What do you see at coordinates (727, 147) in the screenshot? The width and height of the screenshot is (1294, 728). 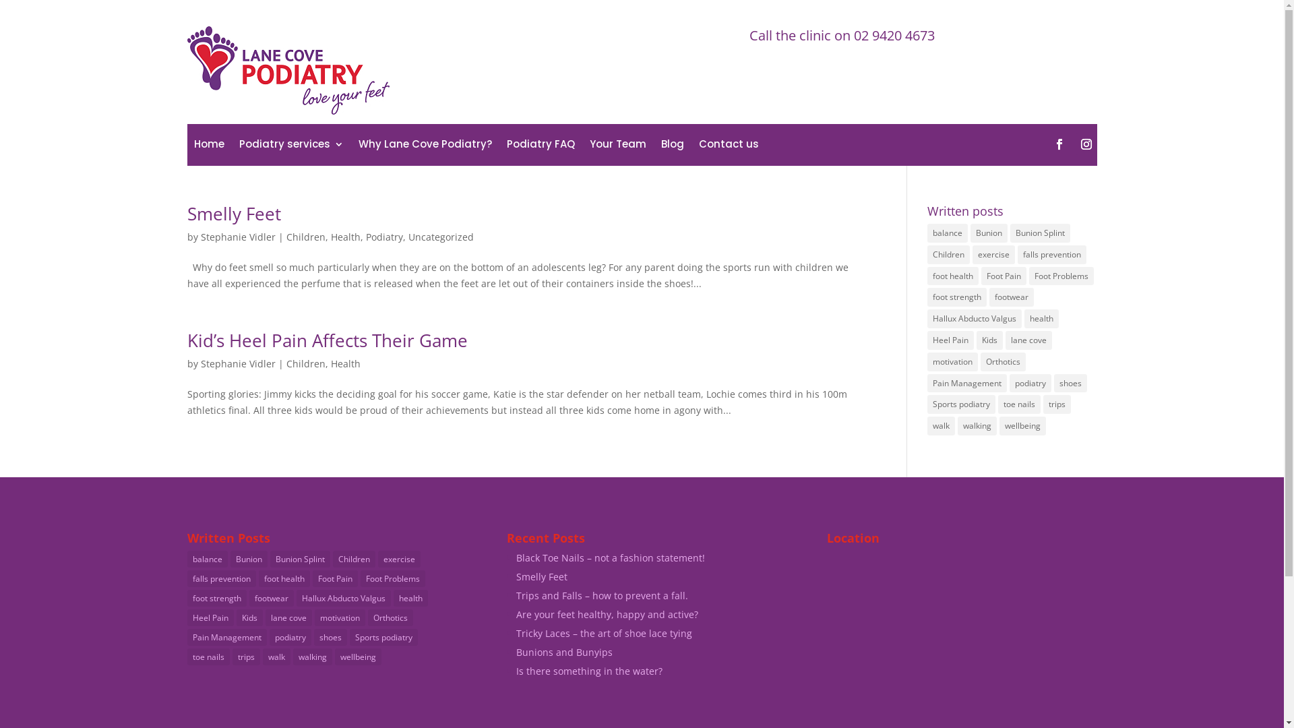 I see `'Contact us'` at bounding box center [727, 147].